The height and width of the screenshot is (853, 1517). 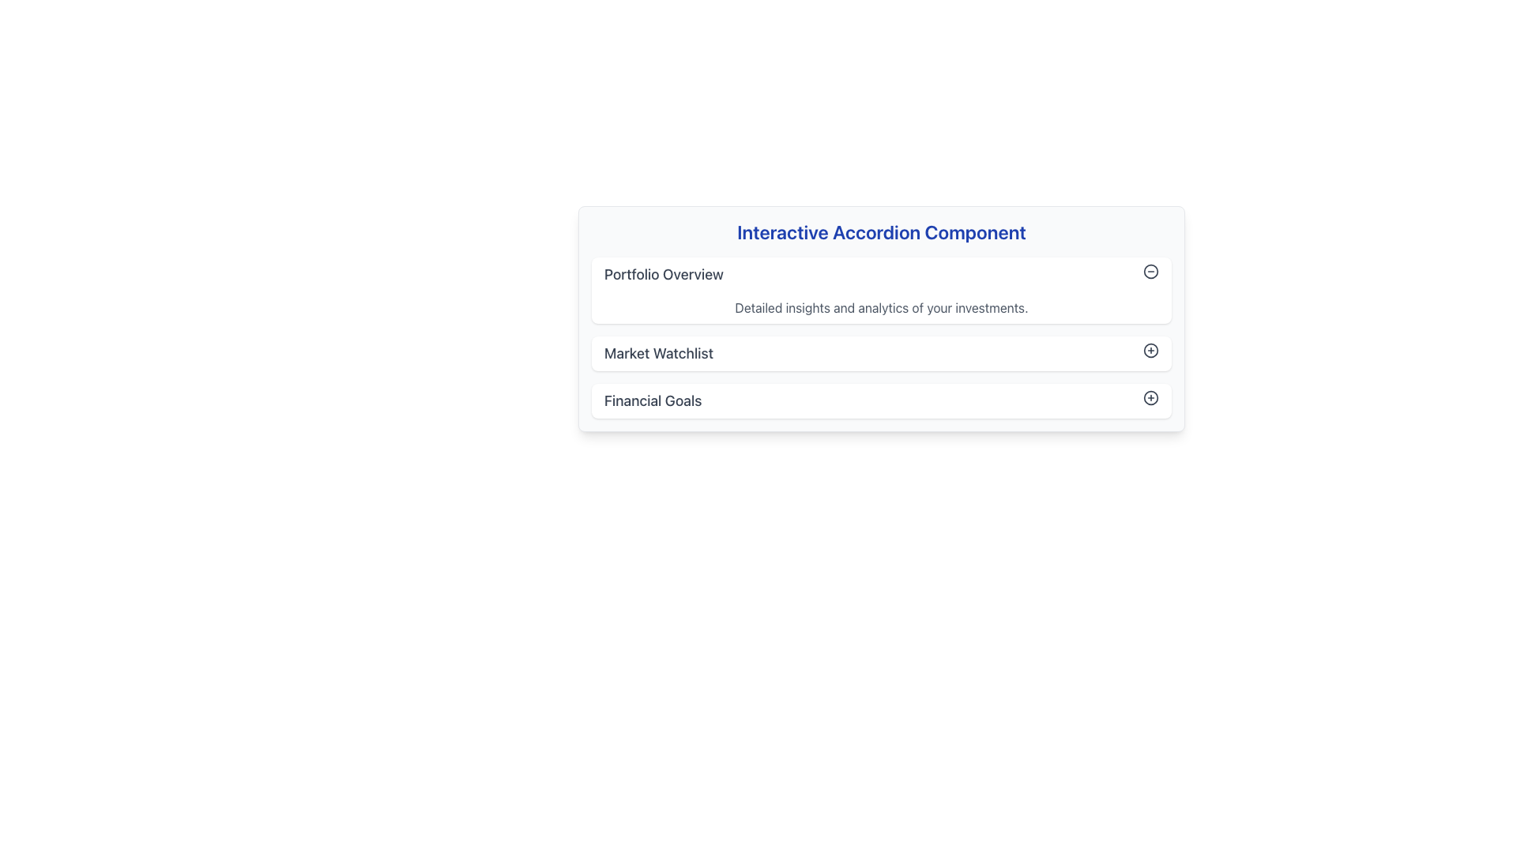 What do you see at coordinates (1151, 349) in the screenshot?
I see `the circular shape that forms the outer boundary of the 'plus' icon, which is part of the interactive controls aligned to the right of the 'Market Watchlist' label` at bounding box center [1151, 349].